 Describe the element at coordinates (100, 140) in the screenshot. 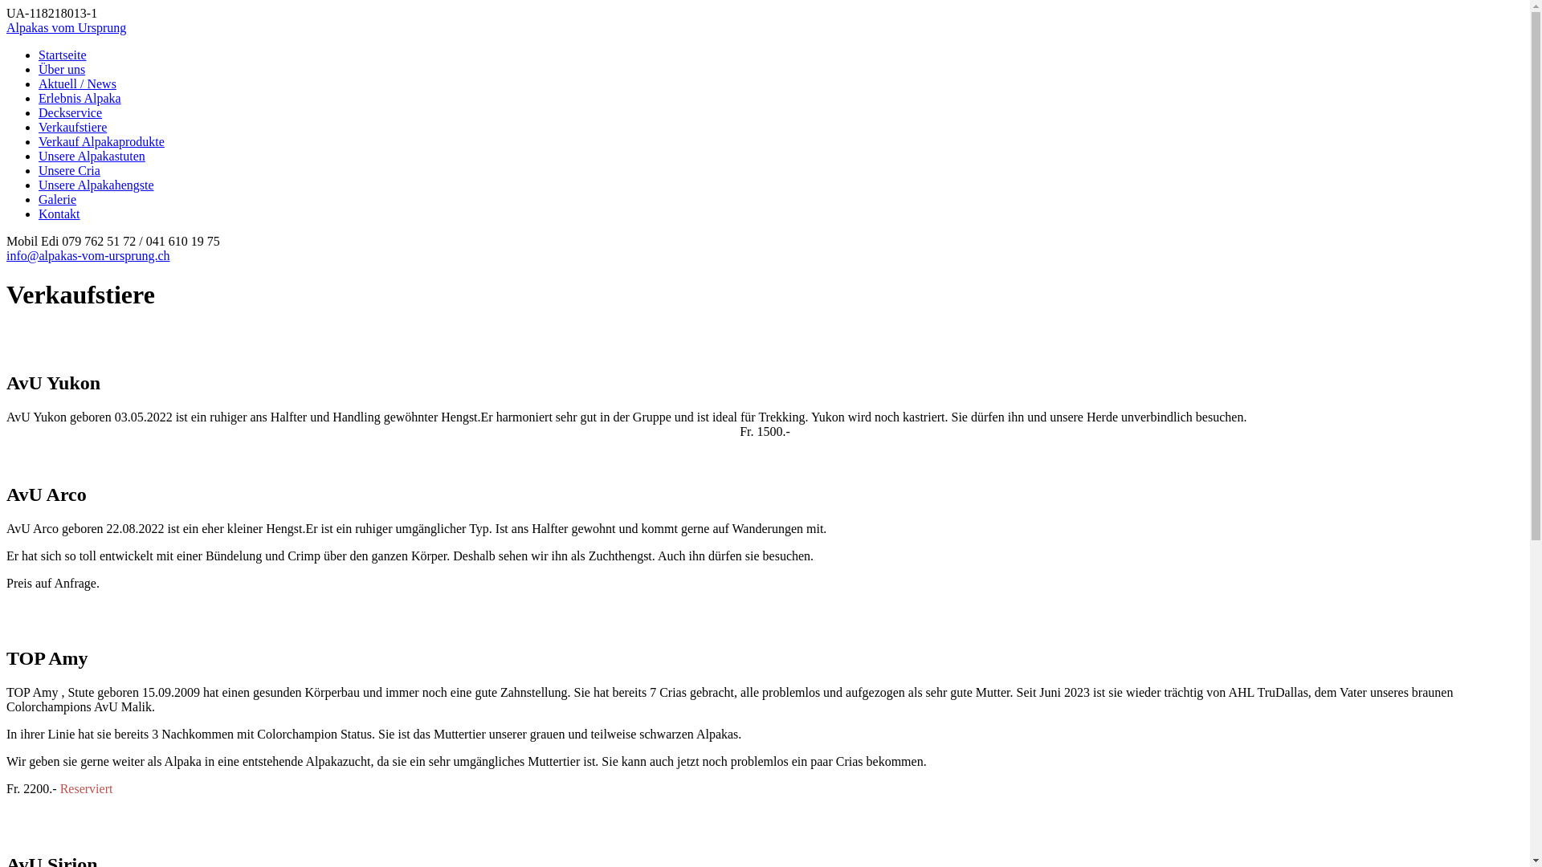

I see `'Verkauf Alpakaprodukte'` at that location.